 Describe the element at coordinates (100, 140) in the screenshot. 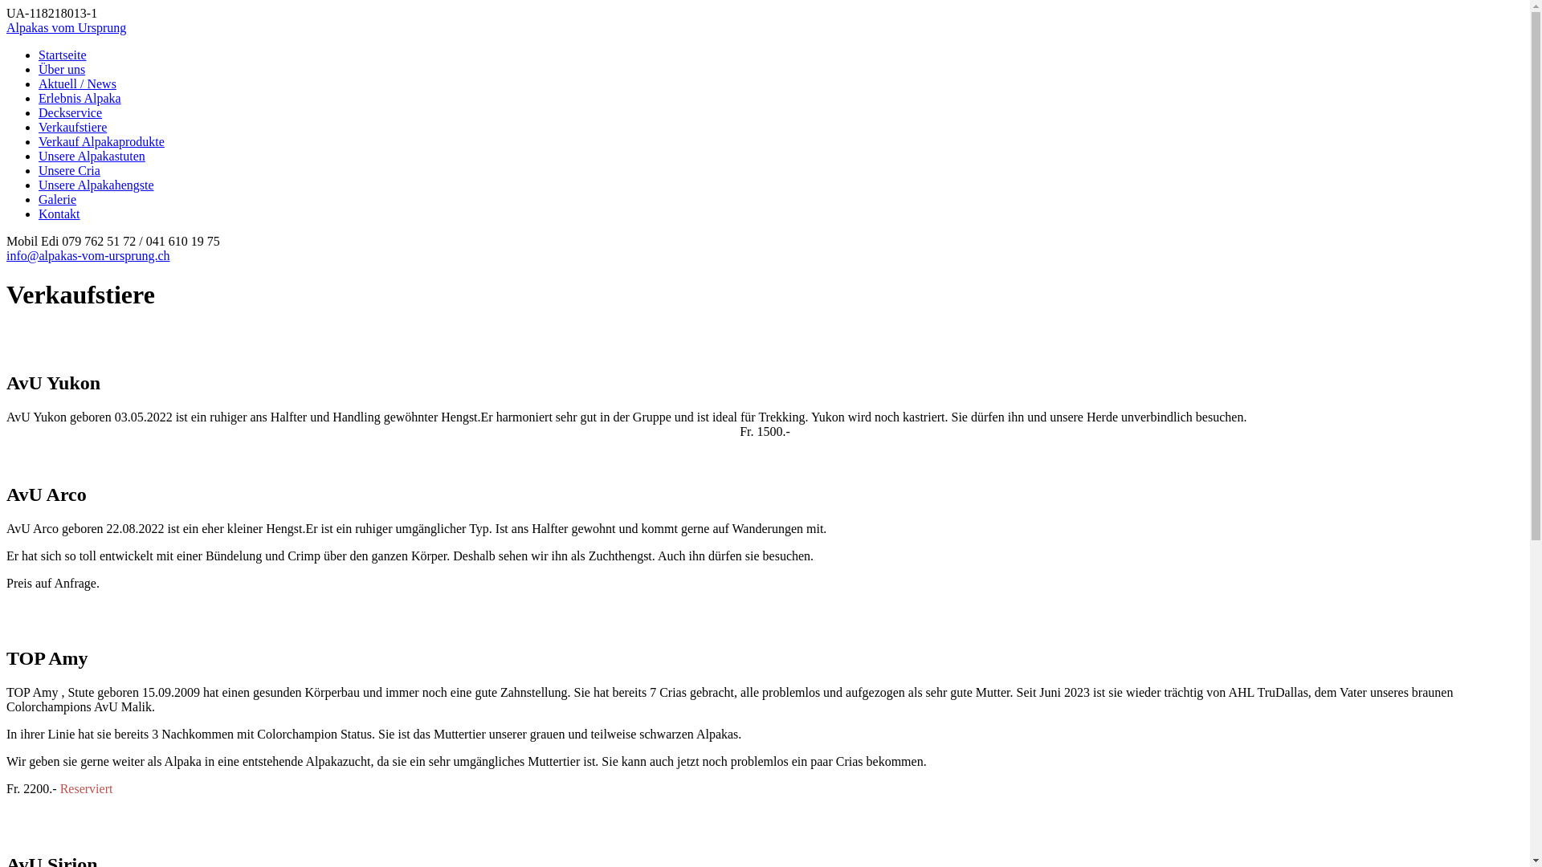

I see `'Verkauf Alpakaprodukte'` at that location.